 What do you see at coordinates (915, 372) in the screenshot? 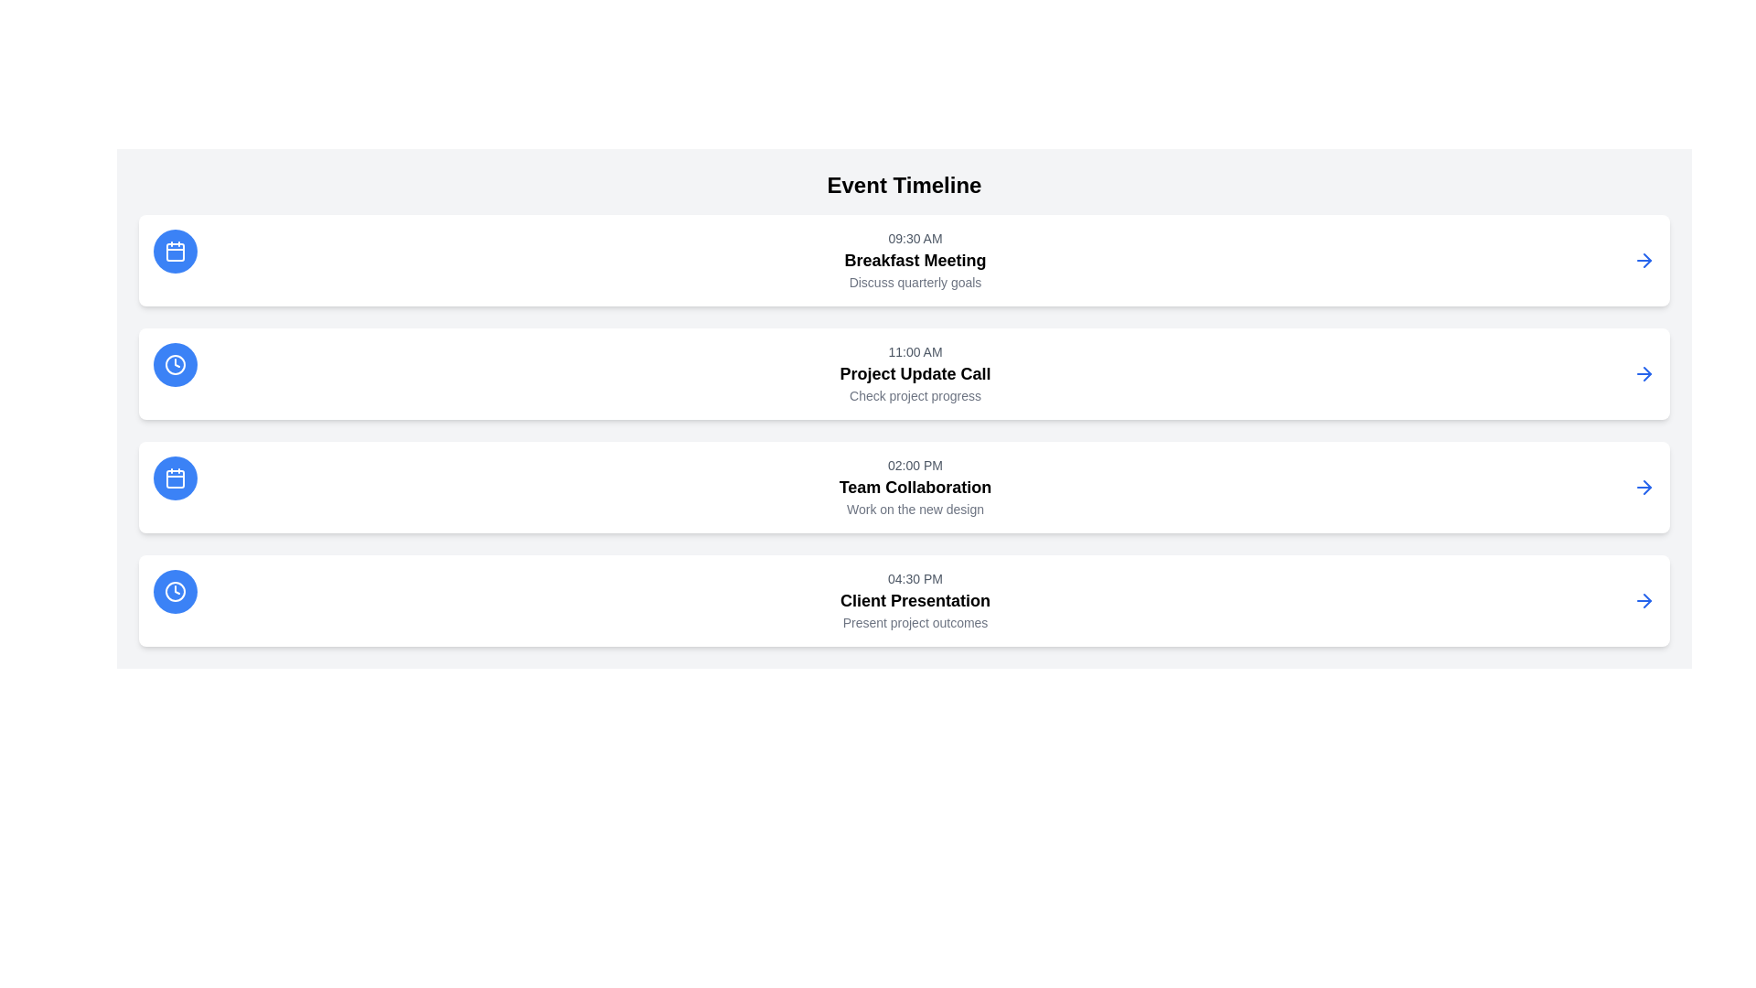
I see `the UI card component displaying '11:00 AM Project Update Call Check project progress.' which is the second item in the event timeline interface` at bounding box center [915, 372].